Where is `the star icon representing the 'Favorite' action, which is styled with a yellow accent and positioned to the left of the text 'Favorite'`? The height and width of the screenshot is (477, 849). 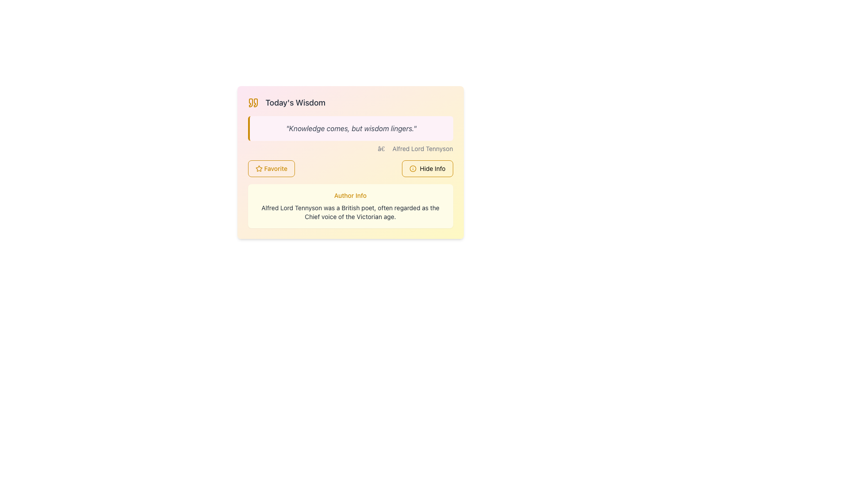
the star icon representing the 'Favorite' action, which is styled with a yellow accent and positioned to the left of the text 'Favorite' is located at coordinates (258, 168).